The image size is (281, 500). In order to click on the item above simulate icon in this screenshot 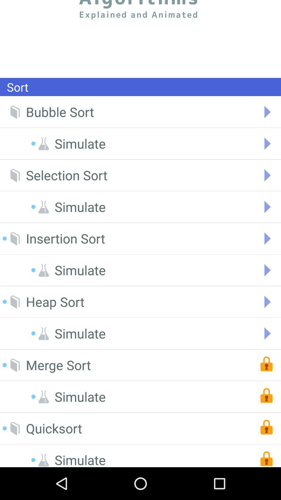, I will do `click(54, 428)`.